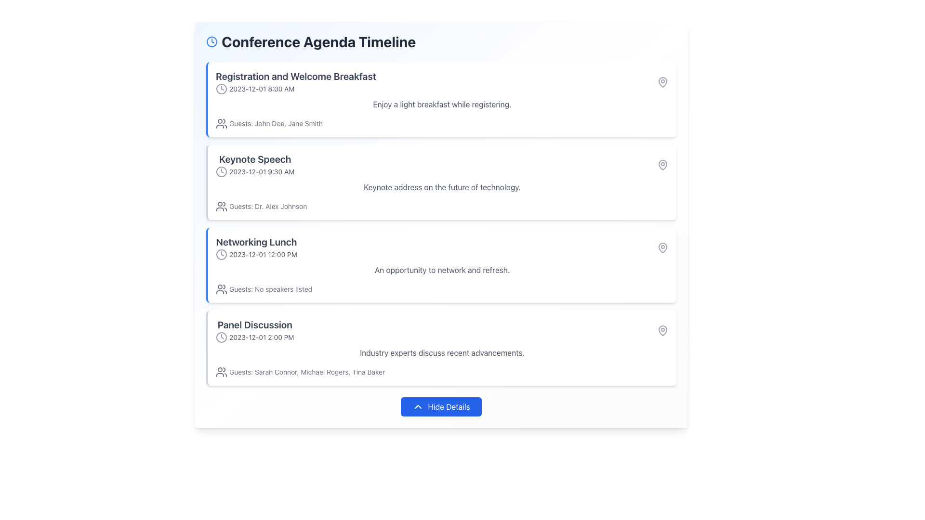  Describe the element at coordinates (441, 104) in the screenshot. I see `descriptive text 'Enjoy a light breakfast while registering.' located beneath the title of the 'Registration and Welcome Breakfast' section` at that location.